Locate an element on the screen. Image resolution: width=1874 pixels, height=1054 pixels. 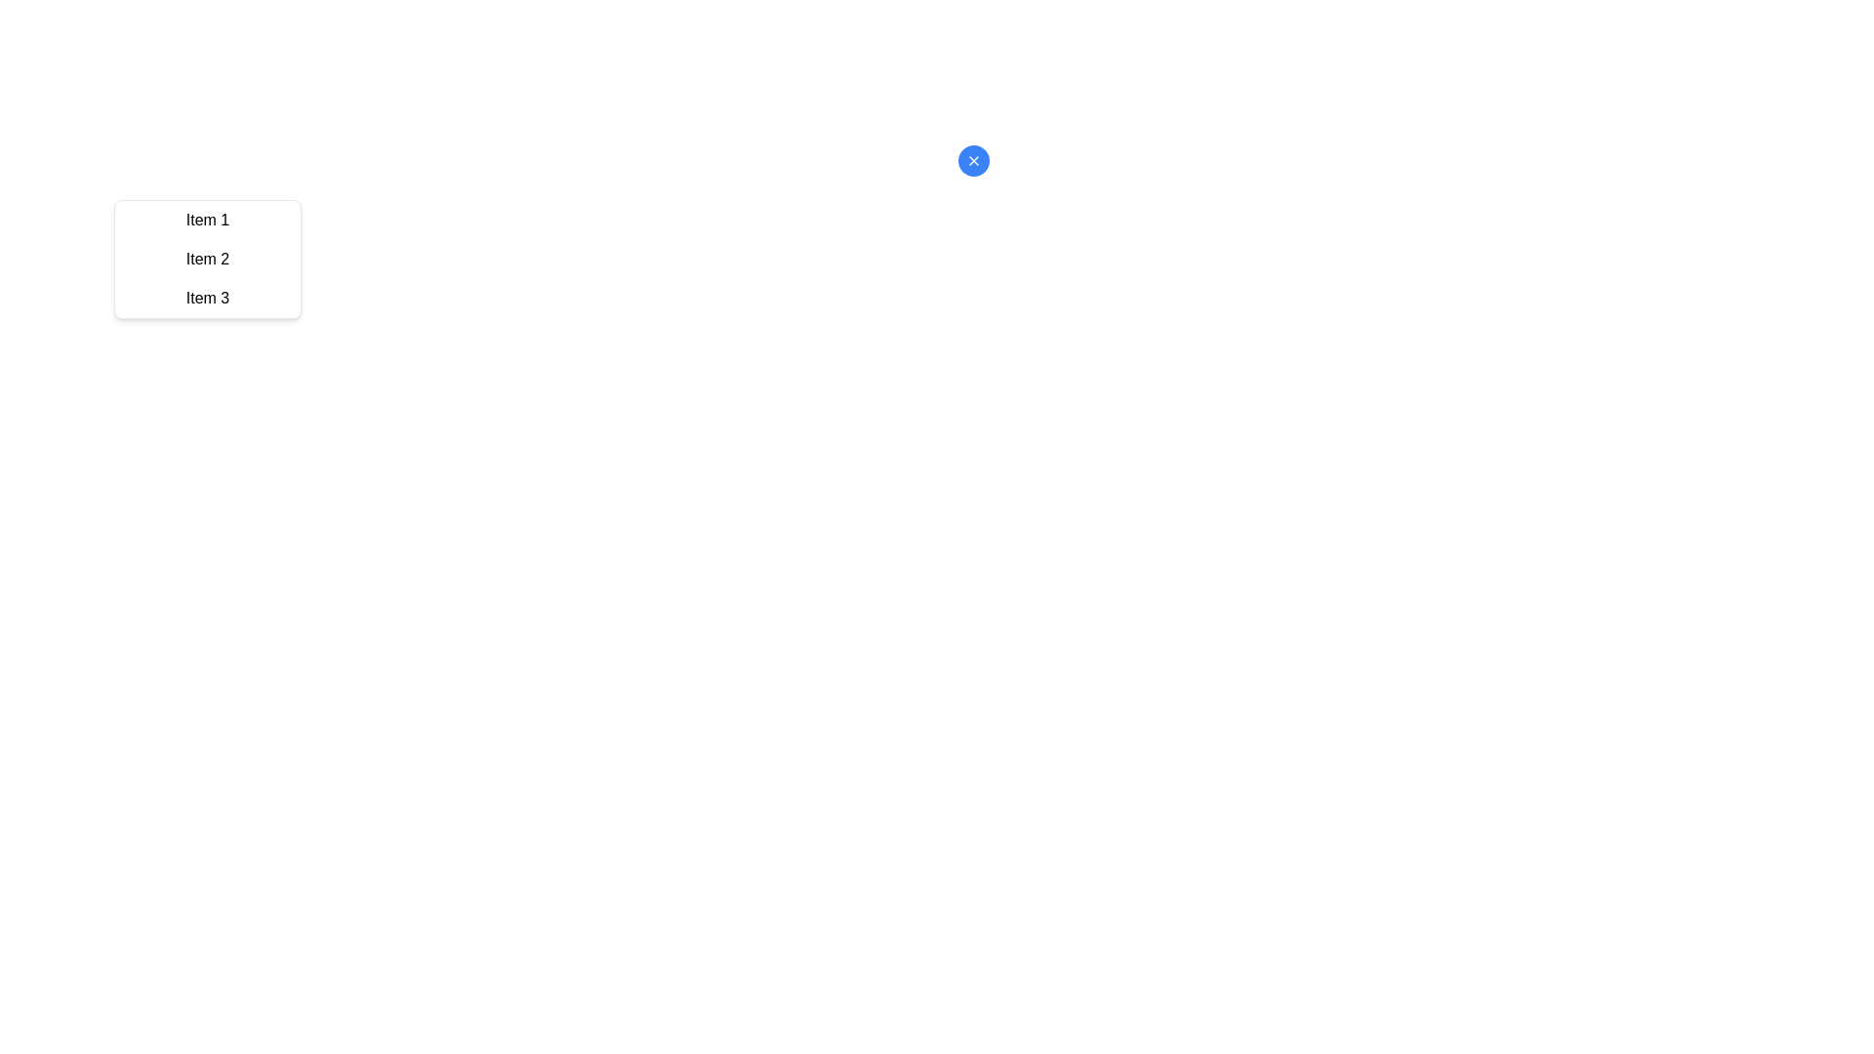
the dropdown menu located in the top-left section of the display is located at coordinates (207, 259).